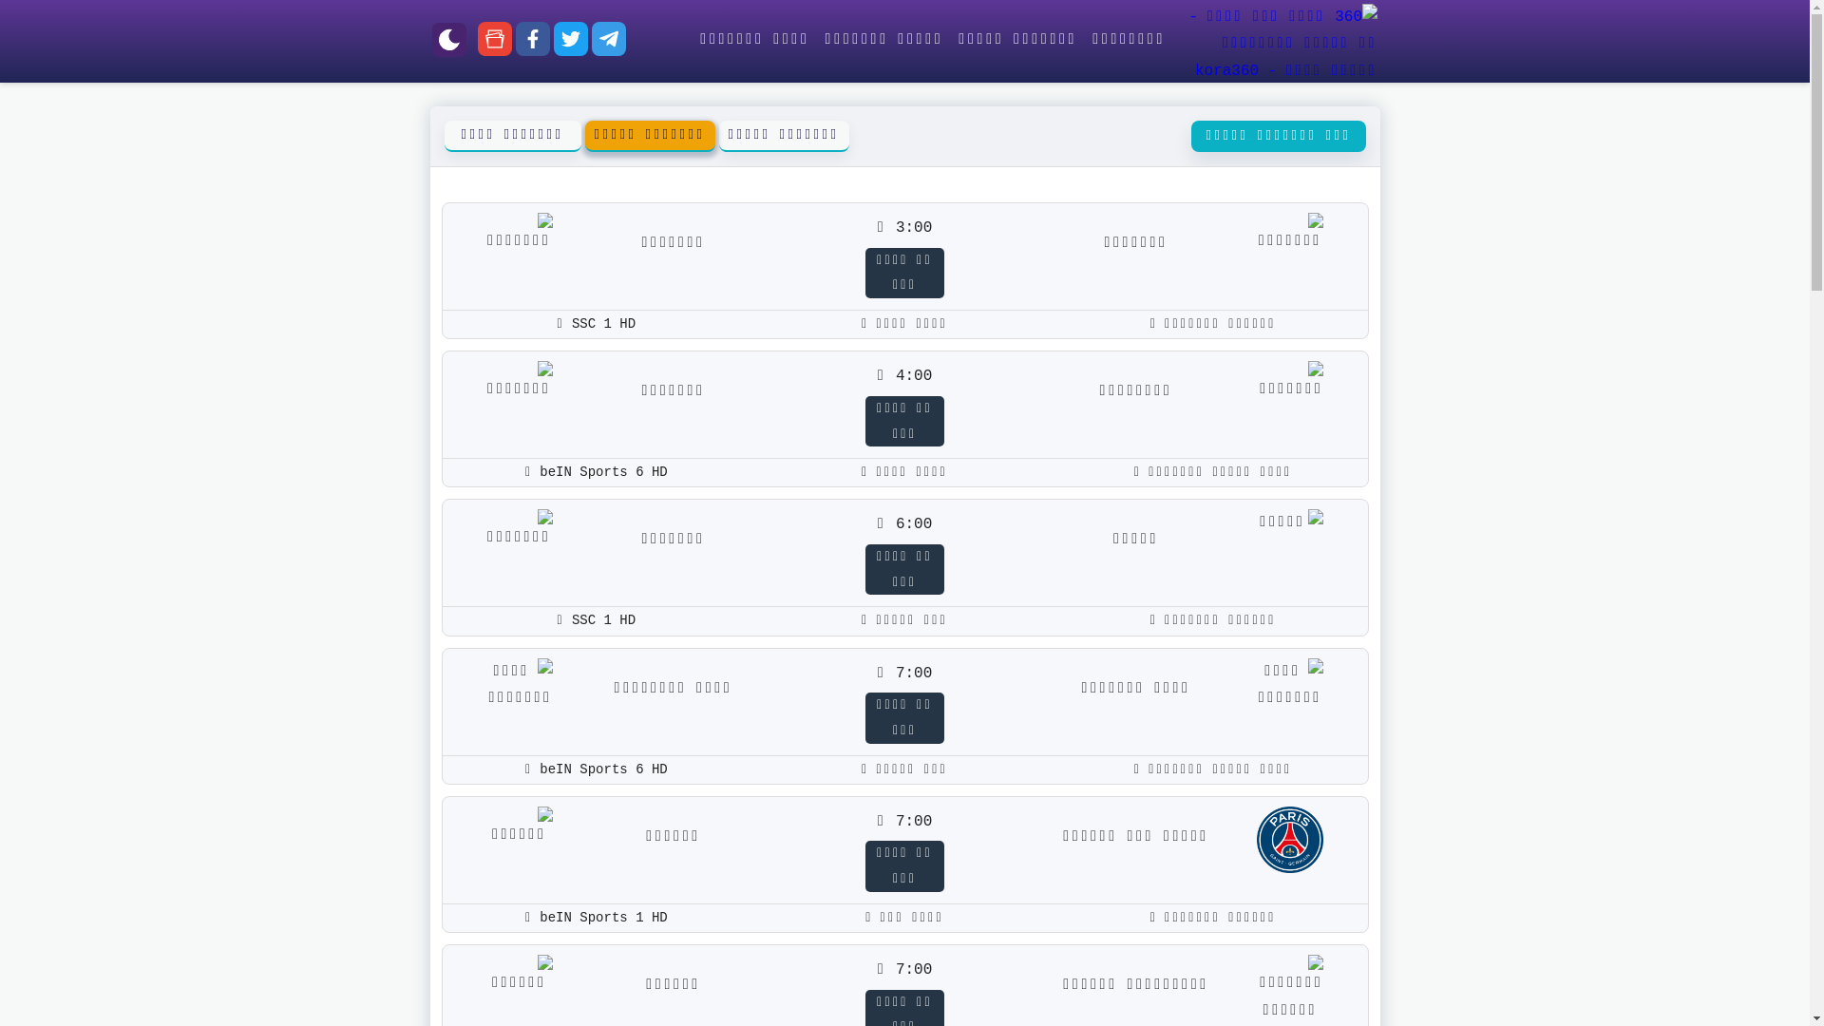 The width and height of the screenshot is (1824, 1026). I want to click on 'telegram', so click(609, 43).